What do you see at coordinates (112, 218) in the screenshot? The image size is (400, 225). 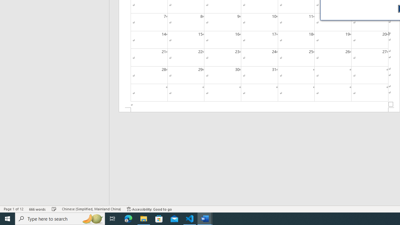 I see `'Task View'` at bounding box center [112, 218].